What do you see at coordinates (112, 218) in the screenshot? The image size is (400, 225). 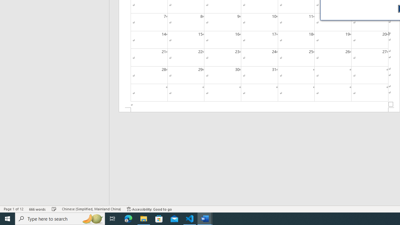 I see `'Task View'` at bounding box center [112, 218].